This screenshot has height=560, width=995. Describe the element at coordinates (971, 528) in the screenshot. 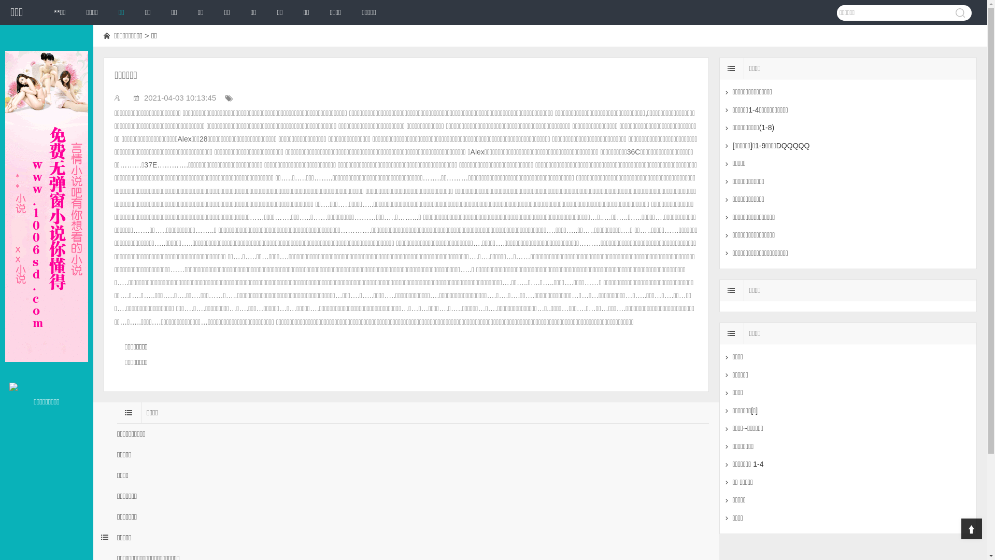

I see `'Top'` at that location.